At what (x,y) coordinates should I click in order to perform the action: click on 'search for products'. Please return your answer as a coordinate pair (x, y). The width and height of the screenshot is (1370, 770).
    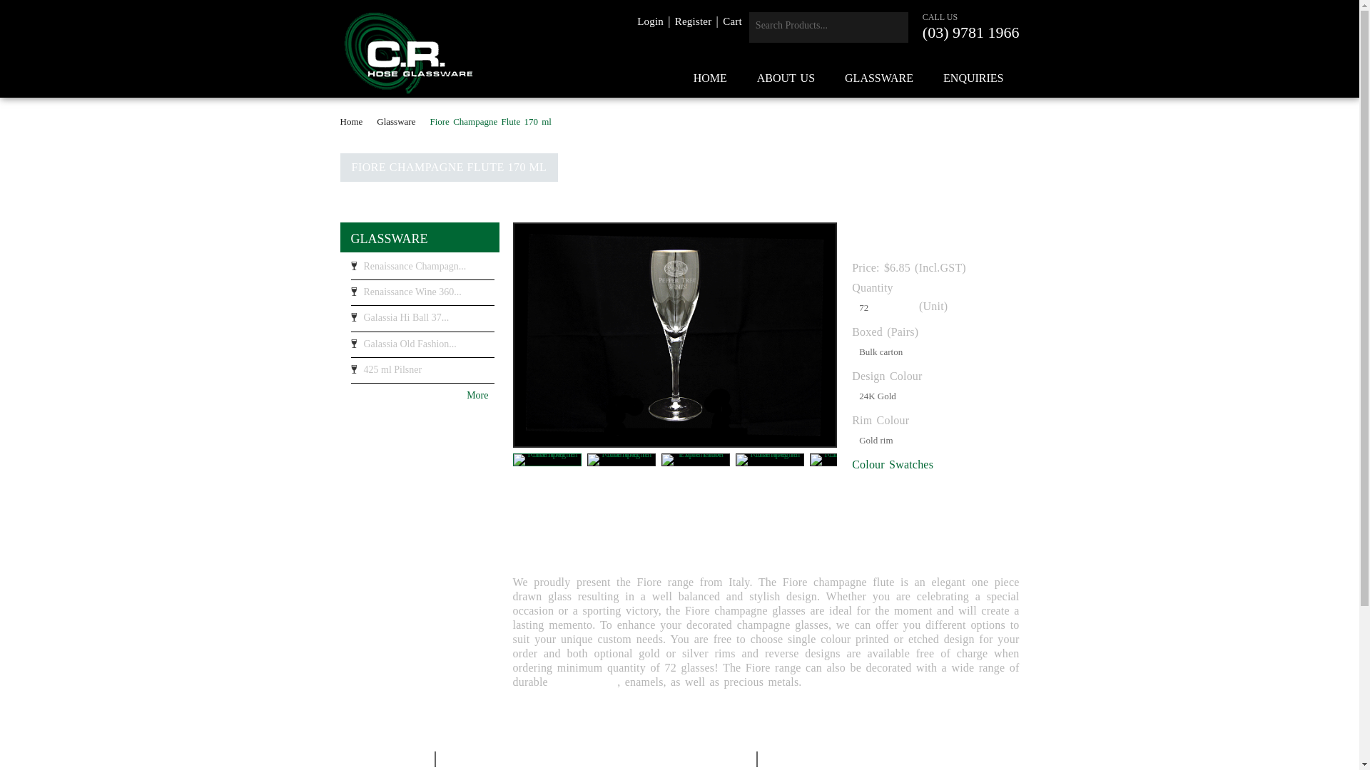
    Looking at the image, I should click on (814, 25).